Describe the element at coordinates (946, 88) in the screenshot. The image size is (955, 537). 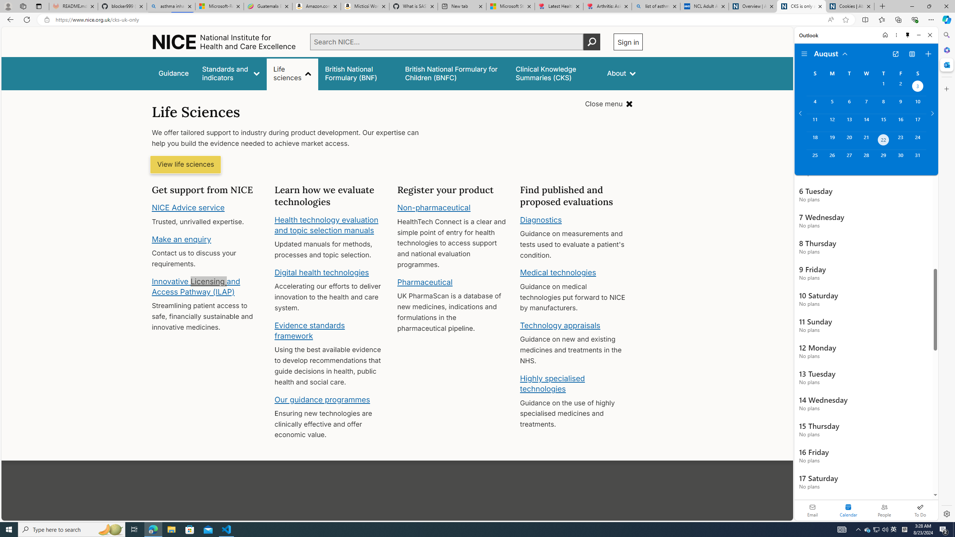
I see `'Close Customize pane'` at that location.